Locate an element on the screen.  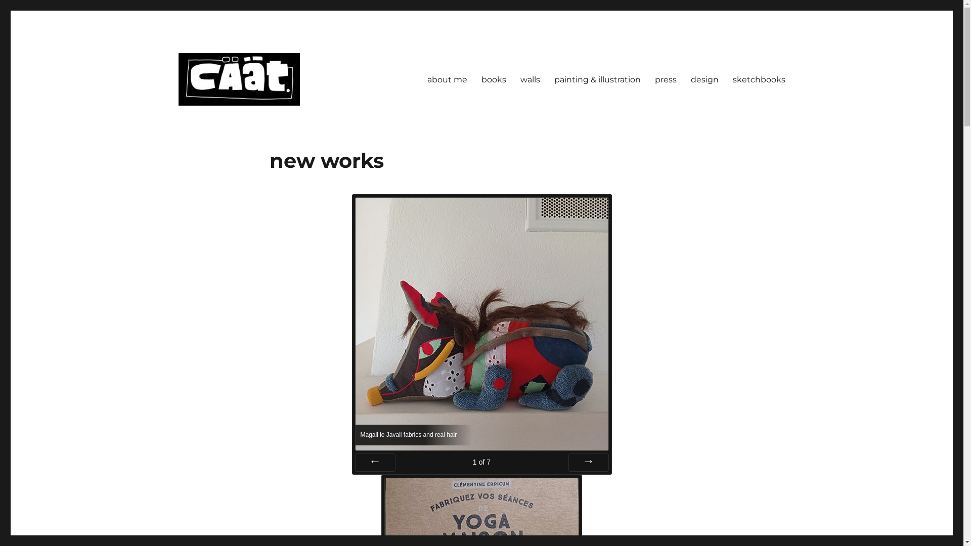
'about me' is located at coordinates (446, 79).